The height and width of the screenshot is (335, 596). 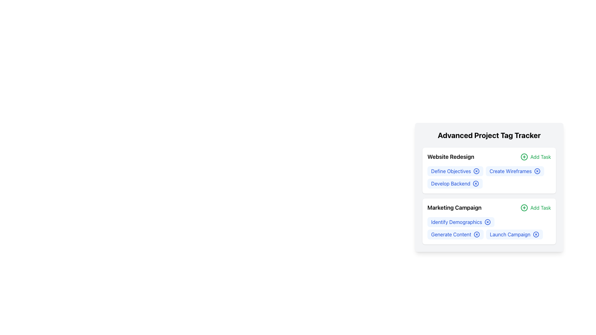 I want to click on the close or delete button icon located immediately to the right of the 'Generate Content' text in the 'Marketing Campaign' section, so click(x=476, y=234).